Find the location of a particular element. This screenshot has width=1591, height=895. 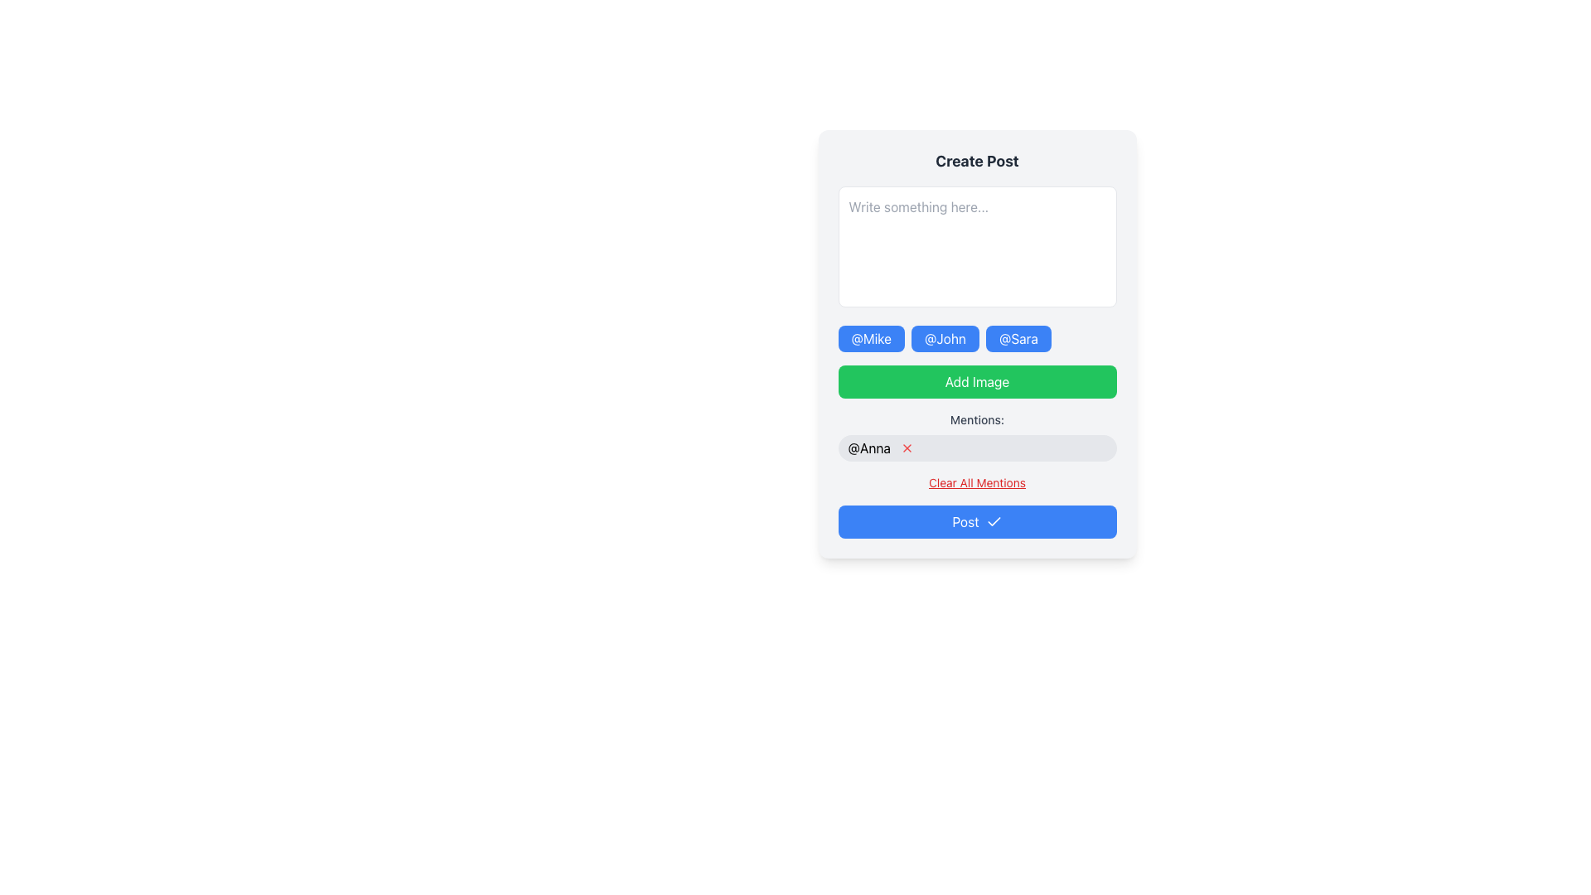

the interactive mention selector button for user tagged '@John' is located at coordinates (977, 343).